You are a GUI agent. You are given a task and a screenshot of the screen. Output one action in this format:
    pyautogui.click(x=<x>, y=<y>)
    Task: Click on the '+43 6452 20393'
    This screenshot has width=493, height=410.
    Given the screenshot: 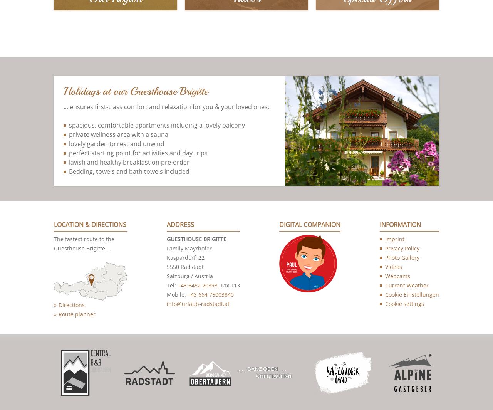 What is the action you would take?
    pyautogui.click(x=198, y=286)
    